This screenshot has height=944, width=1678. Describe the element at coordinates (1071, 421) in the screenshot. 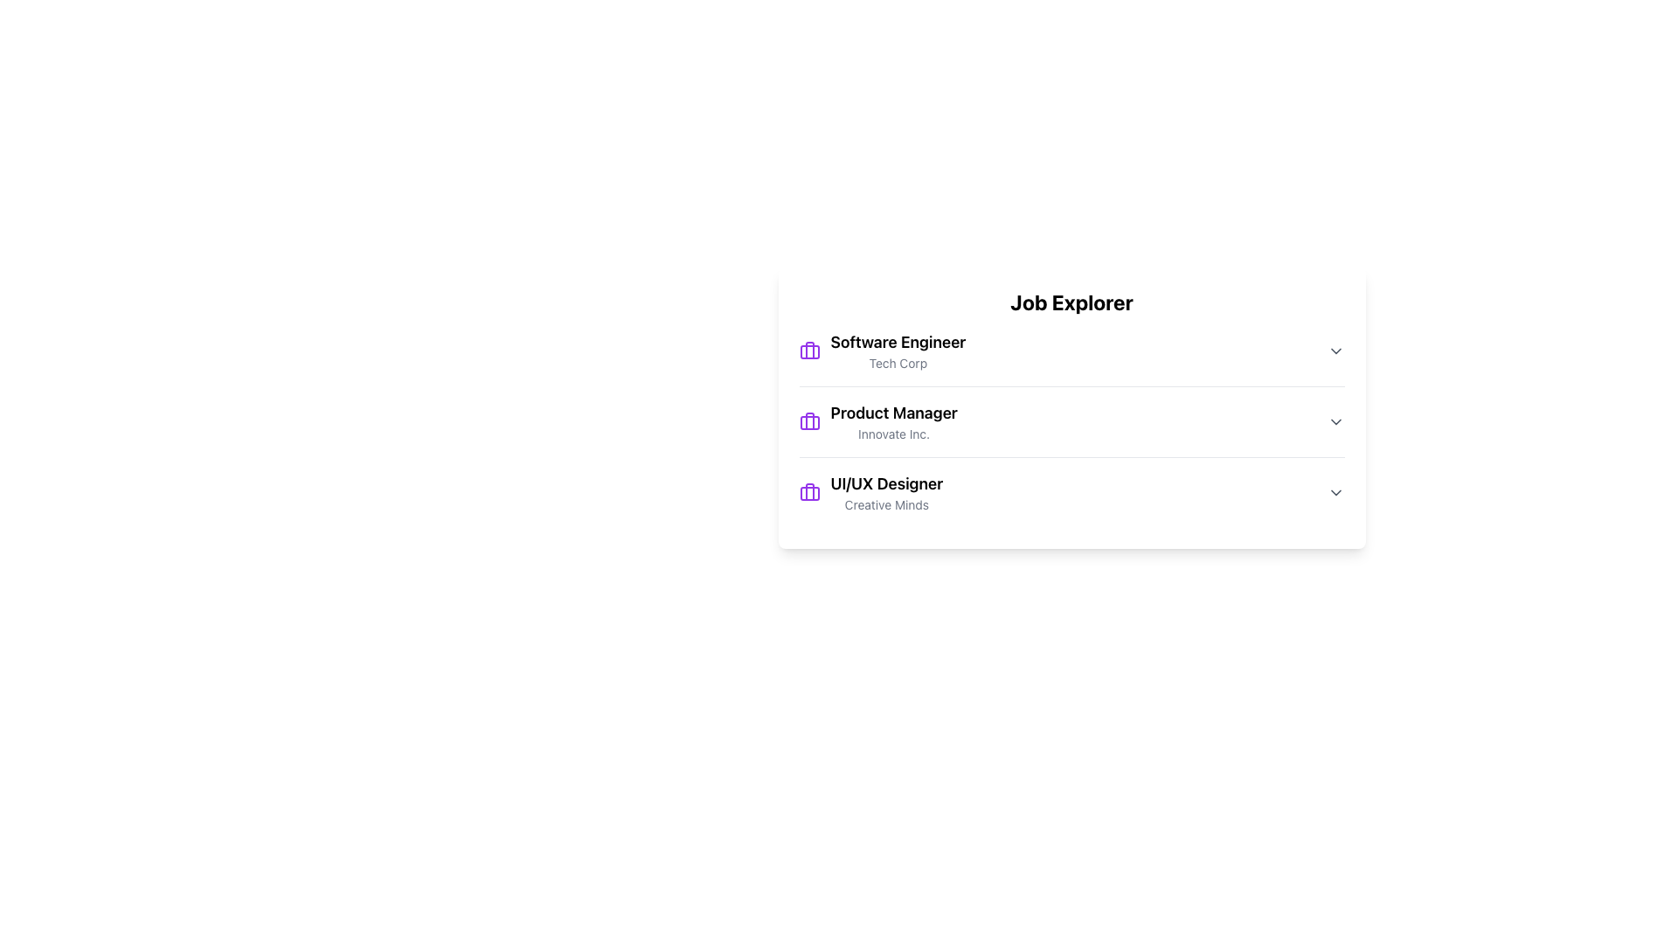

I see `the second job entry in the job listing interface` at that location.